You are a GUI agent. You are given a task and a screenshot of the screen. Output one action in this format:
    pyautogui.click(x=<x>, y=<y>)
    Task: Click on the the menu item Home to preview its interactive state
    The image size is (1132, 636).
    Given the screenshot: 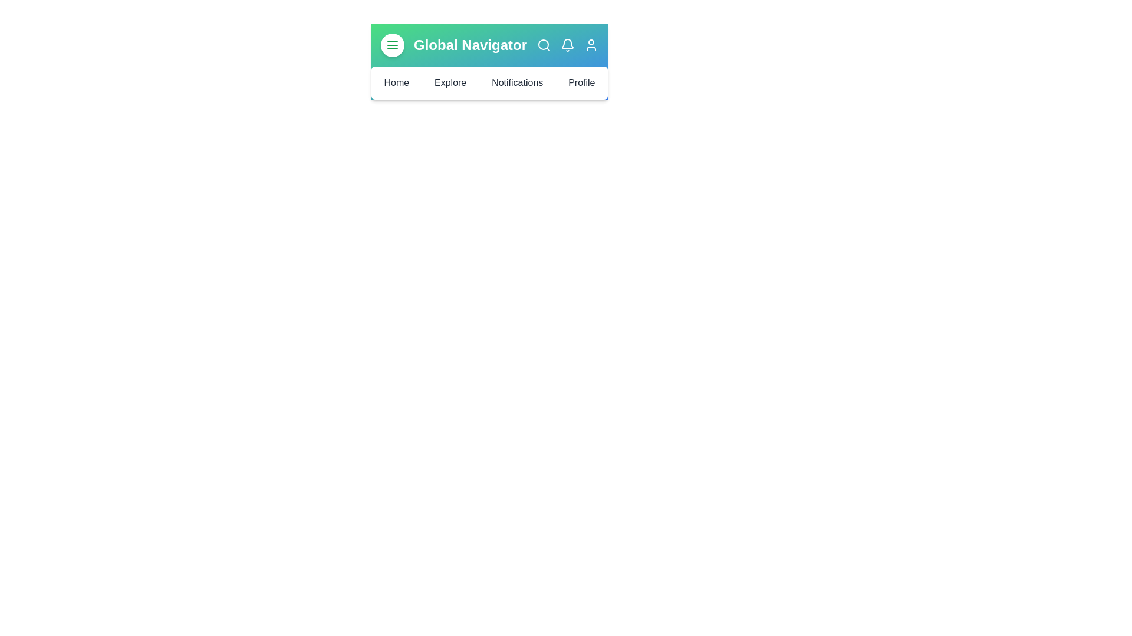 What is the action you would take?
    pyautogui.click(x=396, y=82)
    